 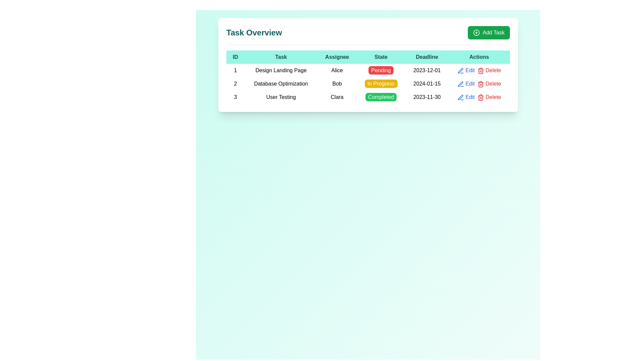 I want to click on the non-interactive text label representing the deadline for the 'Design Landing Page' task, located in the 'Deadline' column of the first row in the task details table, so click(x=426, y=71).